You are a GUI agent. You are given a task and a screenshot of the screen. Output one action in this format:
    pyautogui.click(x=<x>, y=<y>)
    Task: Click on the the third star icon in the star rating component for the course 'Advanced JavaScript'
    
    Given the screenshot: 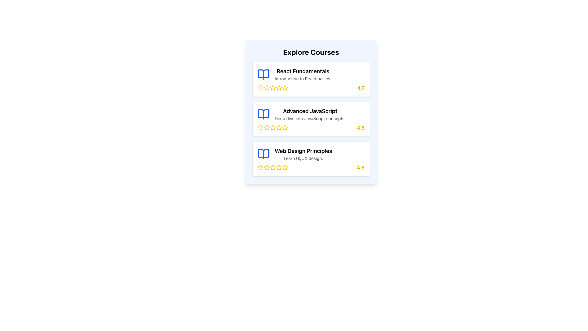 What is the action you would take?
    pyautogui.click(x=279, y=127)
    